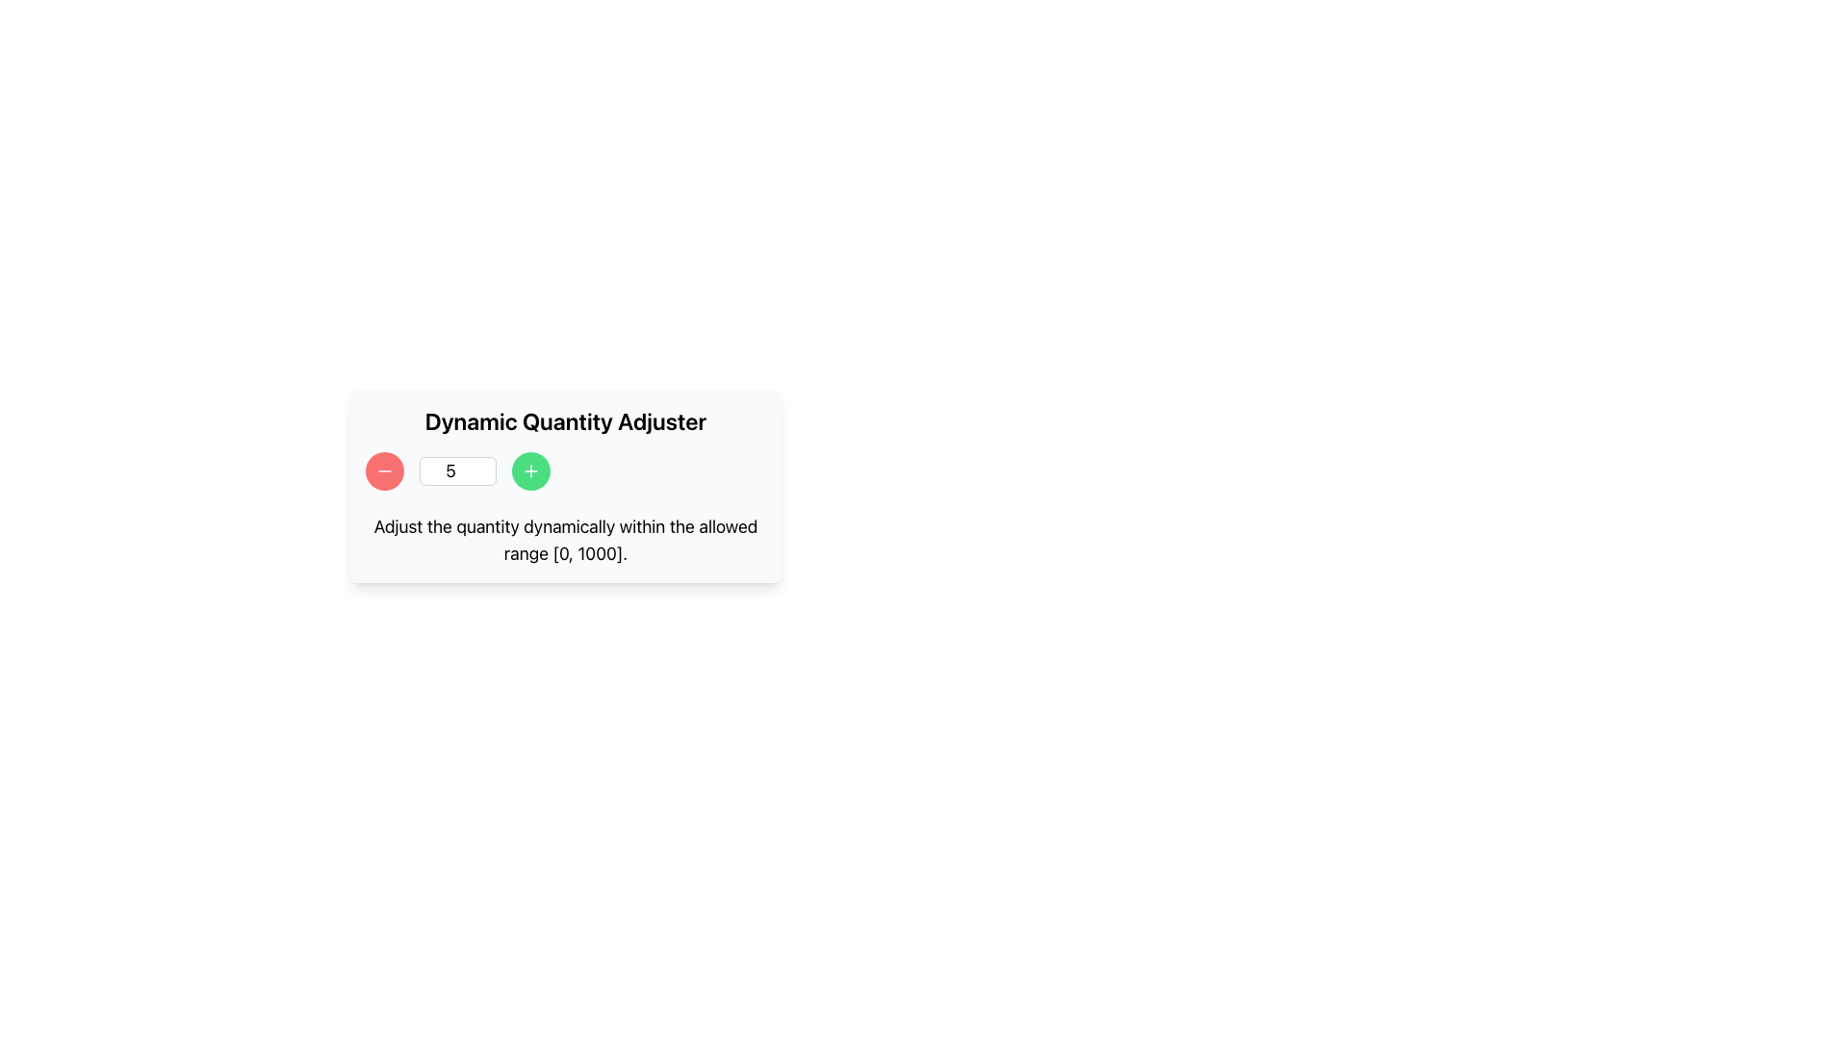  What do you see at coordinates (456, 470) in the screenshot?
I see `the numeric input box located between the red minus button and the green plus button within the card-like interface` at bounding box center [456, 470].